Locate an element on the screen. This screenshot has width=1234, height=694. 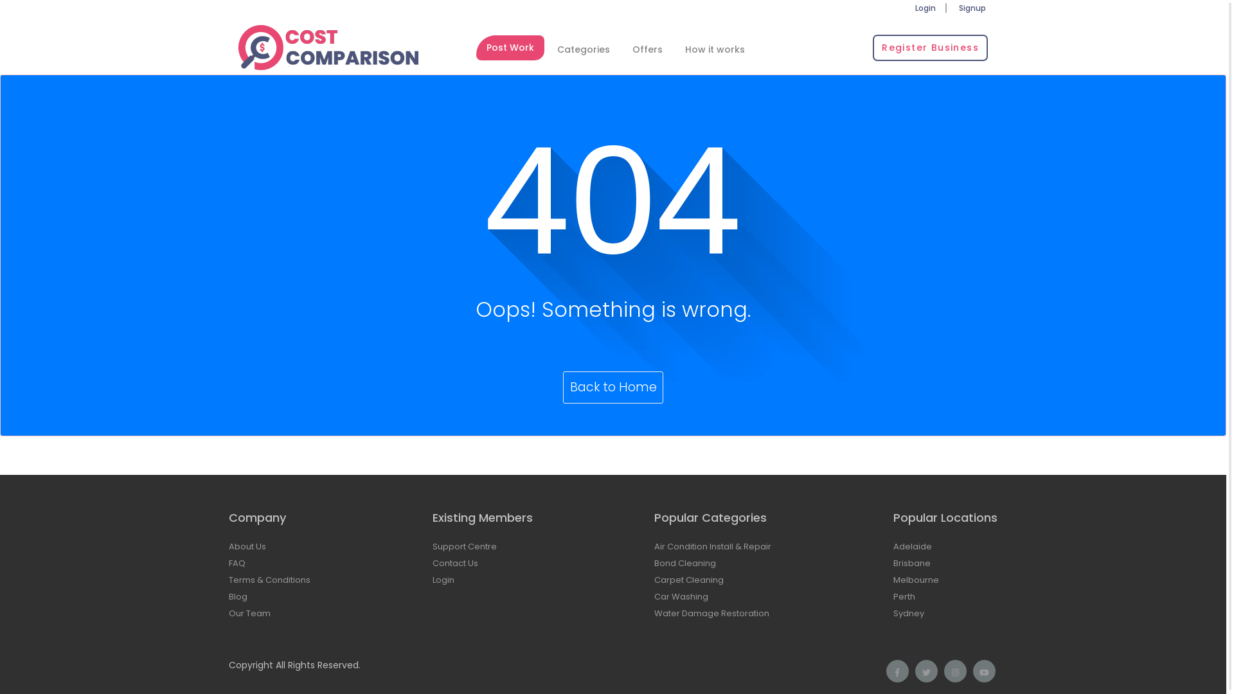
'Login' is located at coordinates (925, 8).